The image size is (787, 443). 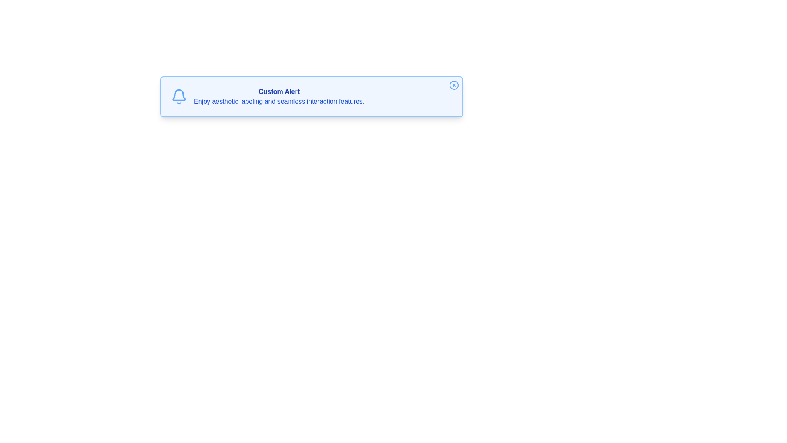 What do you see at coordinates (454, 85) in the screenshot?
I see `close button to dismiss the notification` at bounding box center [454, 85].